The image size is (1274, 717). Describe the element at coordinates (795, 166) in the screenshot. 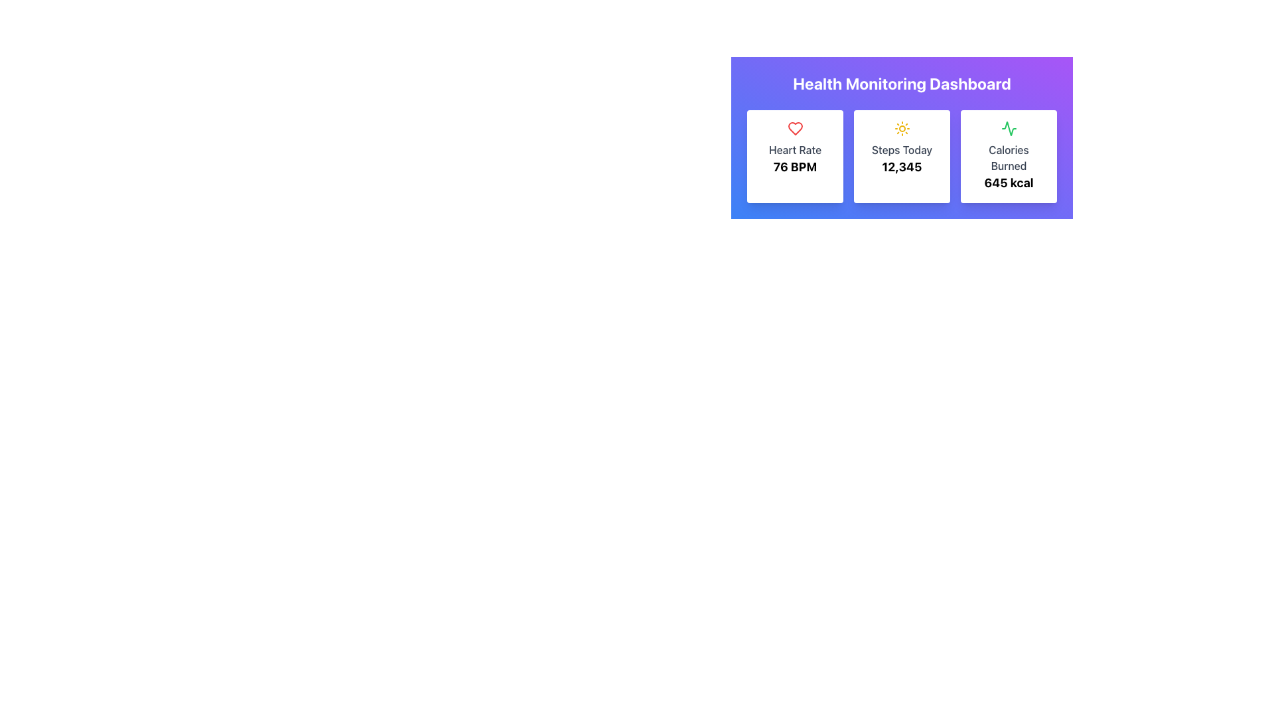

I see `the heart rate display text located beneath the 'Heart Rate' header in the 'Heart Rate' card of the 'Health Monitoring Dashboard'` at that location.